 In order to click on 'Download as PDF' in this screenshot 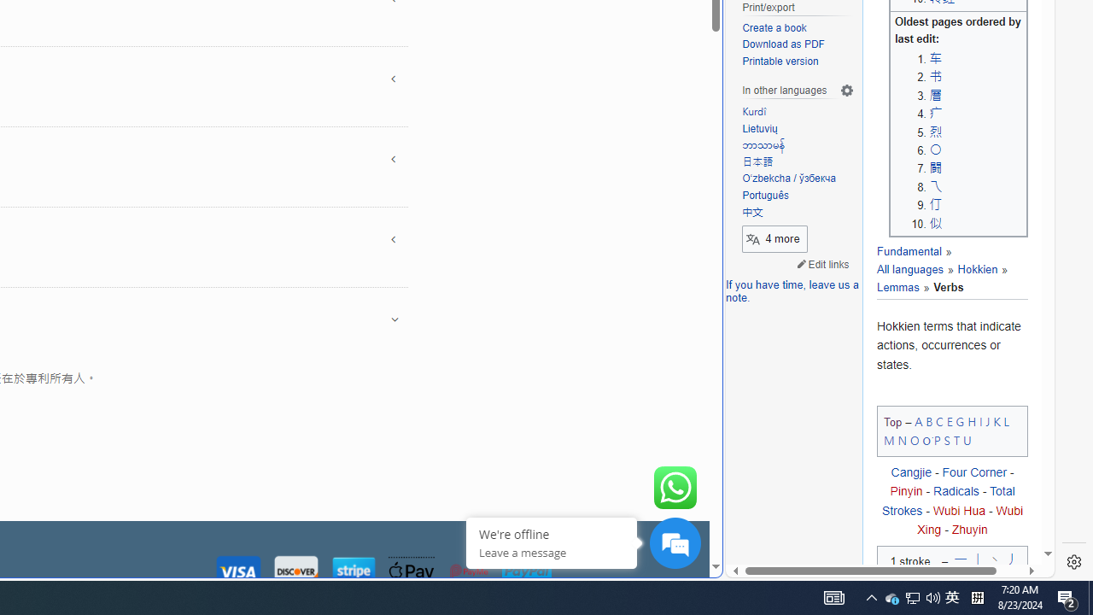, I will do `click(782, 44)`.